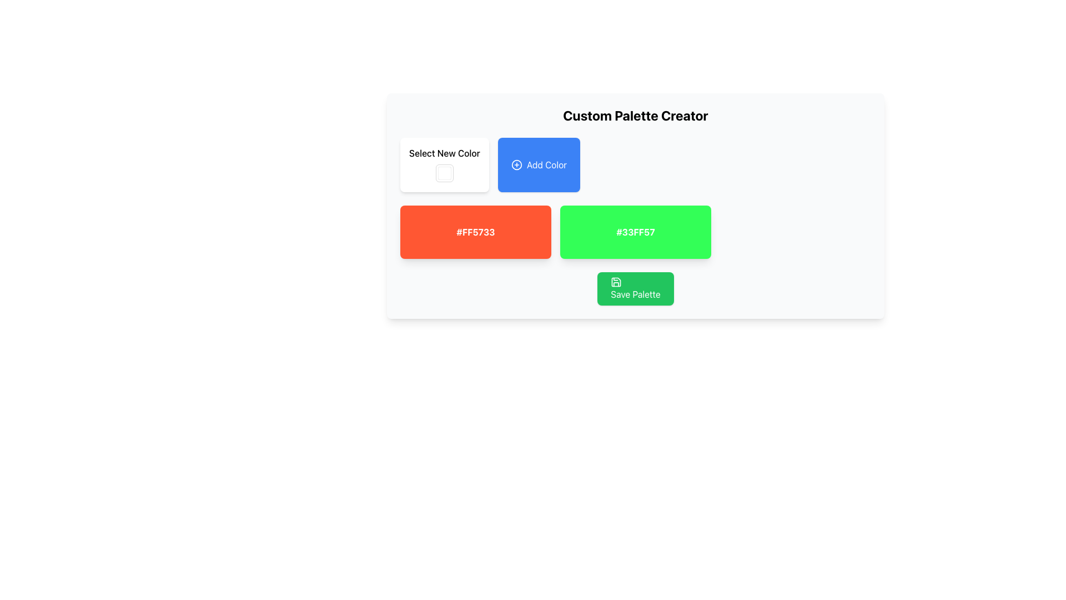 The width and height of the screenshot is (1066, 600). Describe the element at coordinates (516, 165) in the screenshot. I see `the icon that signifies the action of adding a new color, which is centered within the 'Add Color' button` at that location.